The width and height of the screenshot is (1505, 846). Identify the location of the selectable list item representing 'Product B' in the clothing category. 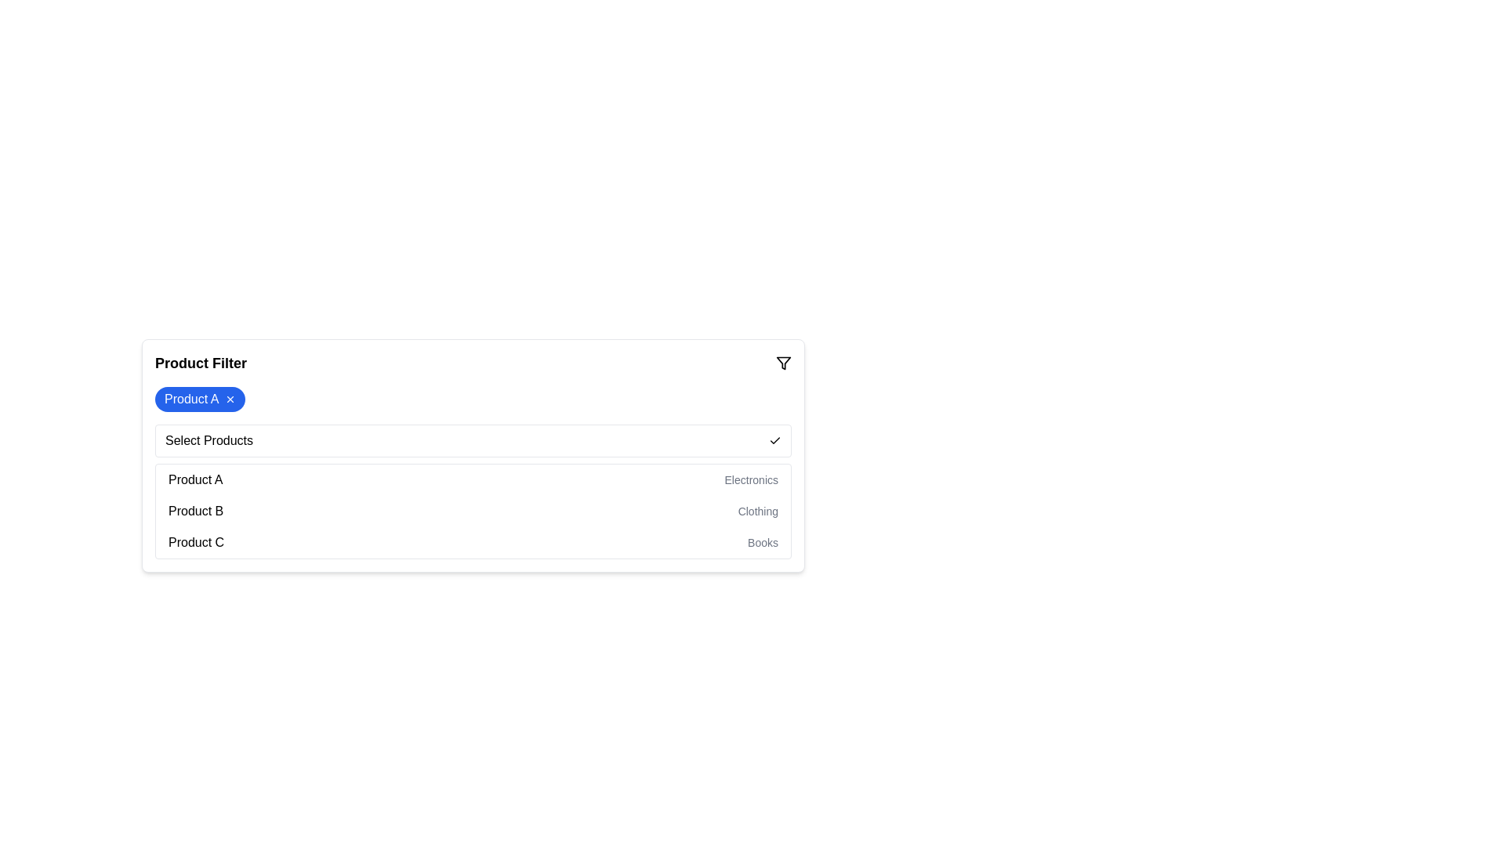
(473, 511).